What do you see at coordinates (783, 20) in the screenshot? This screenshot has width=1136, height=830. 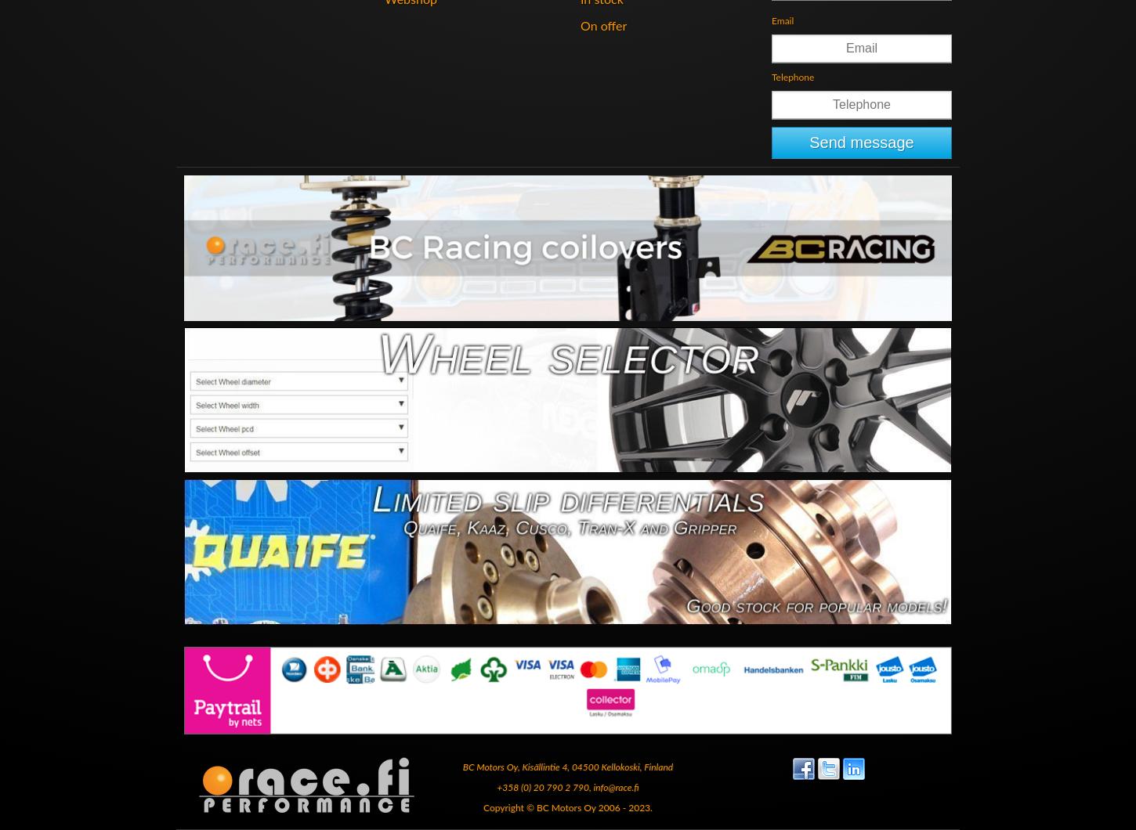 I see `'Email'` at bounding box center [783, 20].